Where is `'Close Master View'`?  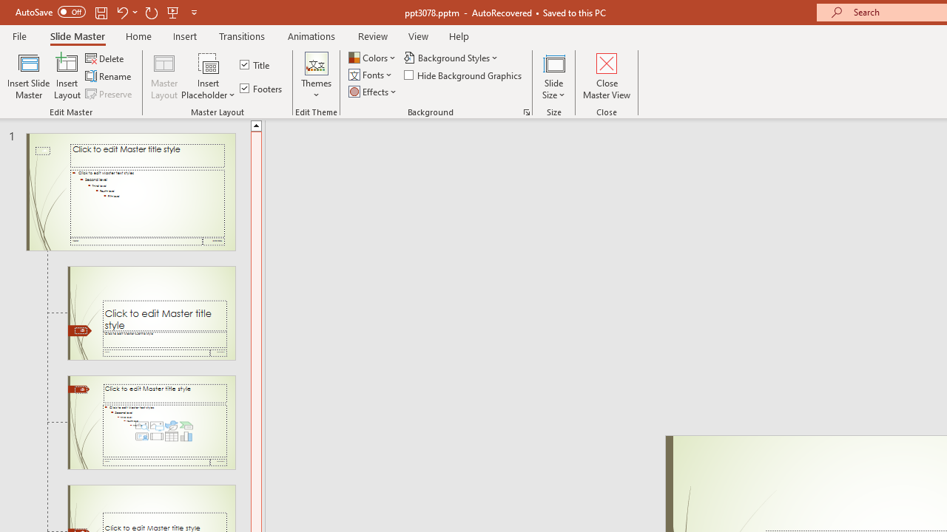 'Close Master View' is located at coordinates (607, 76).